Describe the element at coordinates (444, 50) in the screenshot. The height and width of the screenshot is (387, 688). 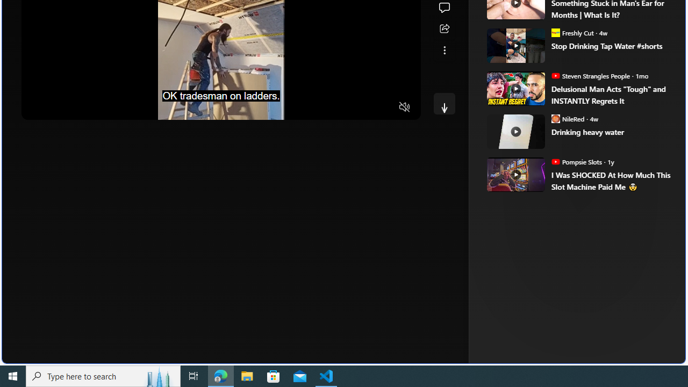
I see `'See more'` at that location.